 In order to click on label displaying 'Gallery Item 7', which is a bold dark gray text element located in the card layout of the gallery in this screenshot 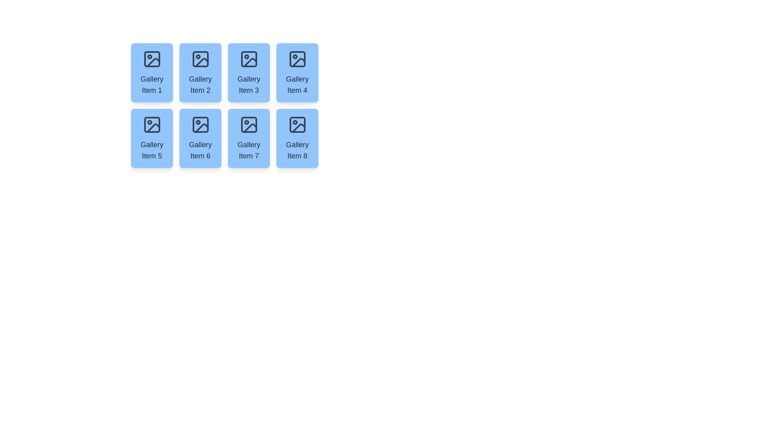, I will do `click(248, 150)`.